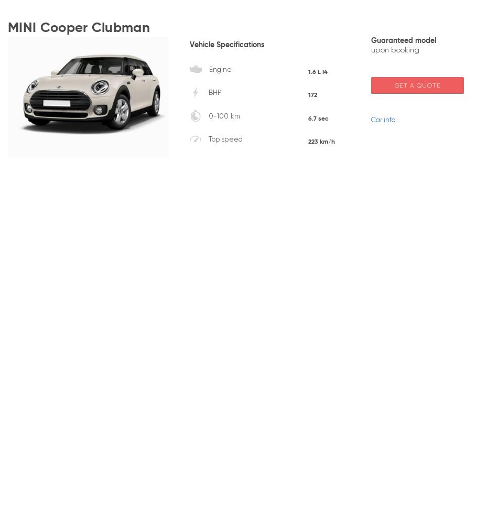  I want to click on 'Bentley', so click(327, 199).